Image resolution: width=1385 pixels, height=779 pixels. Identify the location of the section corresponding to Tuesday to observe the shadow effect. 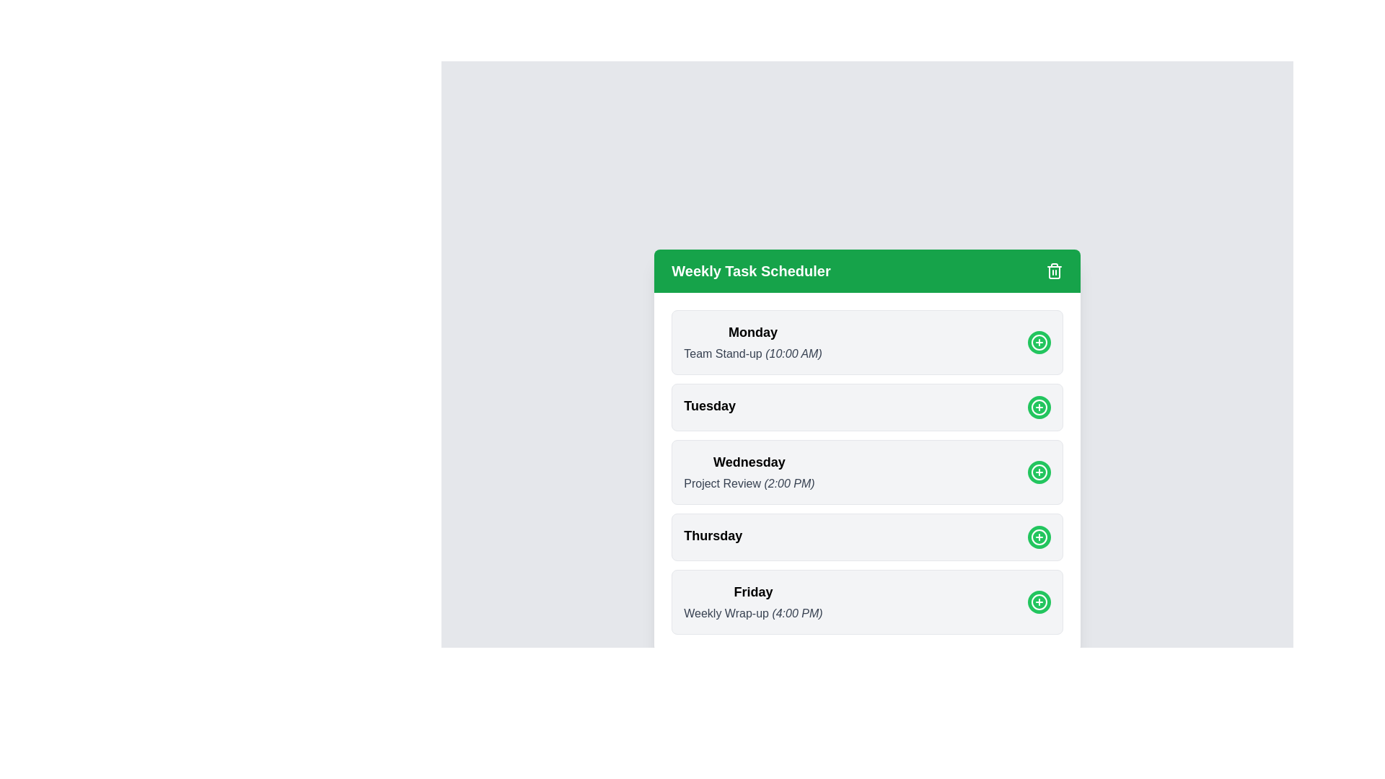
(866, 407).